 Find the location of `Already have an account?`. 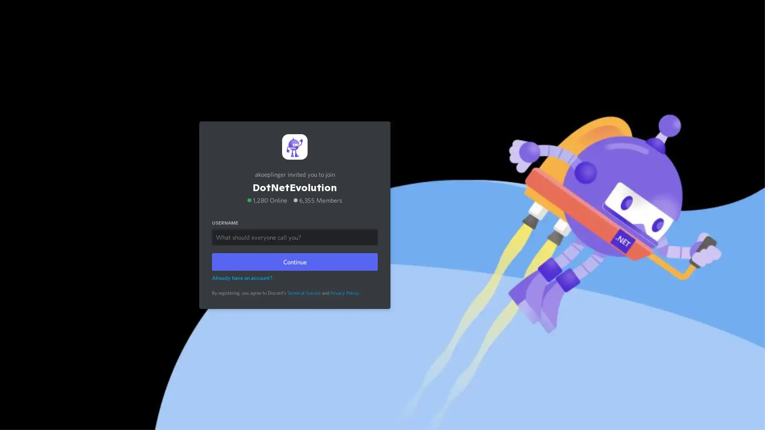

Already have an account? is located at coordinates (242, 277).